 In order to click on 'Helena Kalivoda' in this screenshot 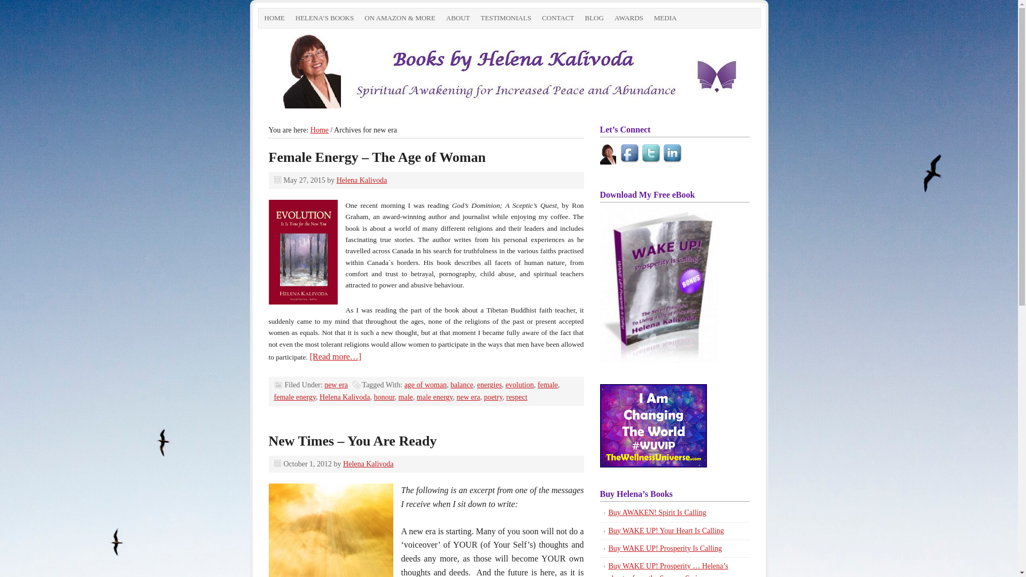, I will do `click(361, 180)`.